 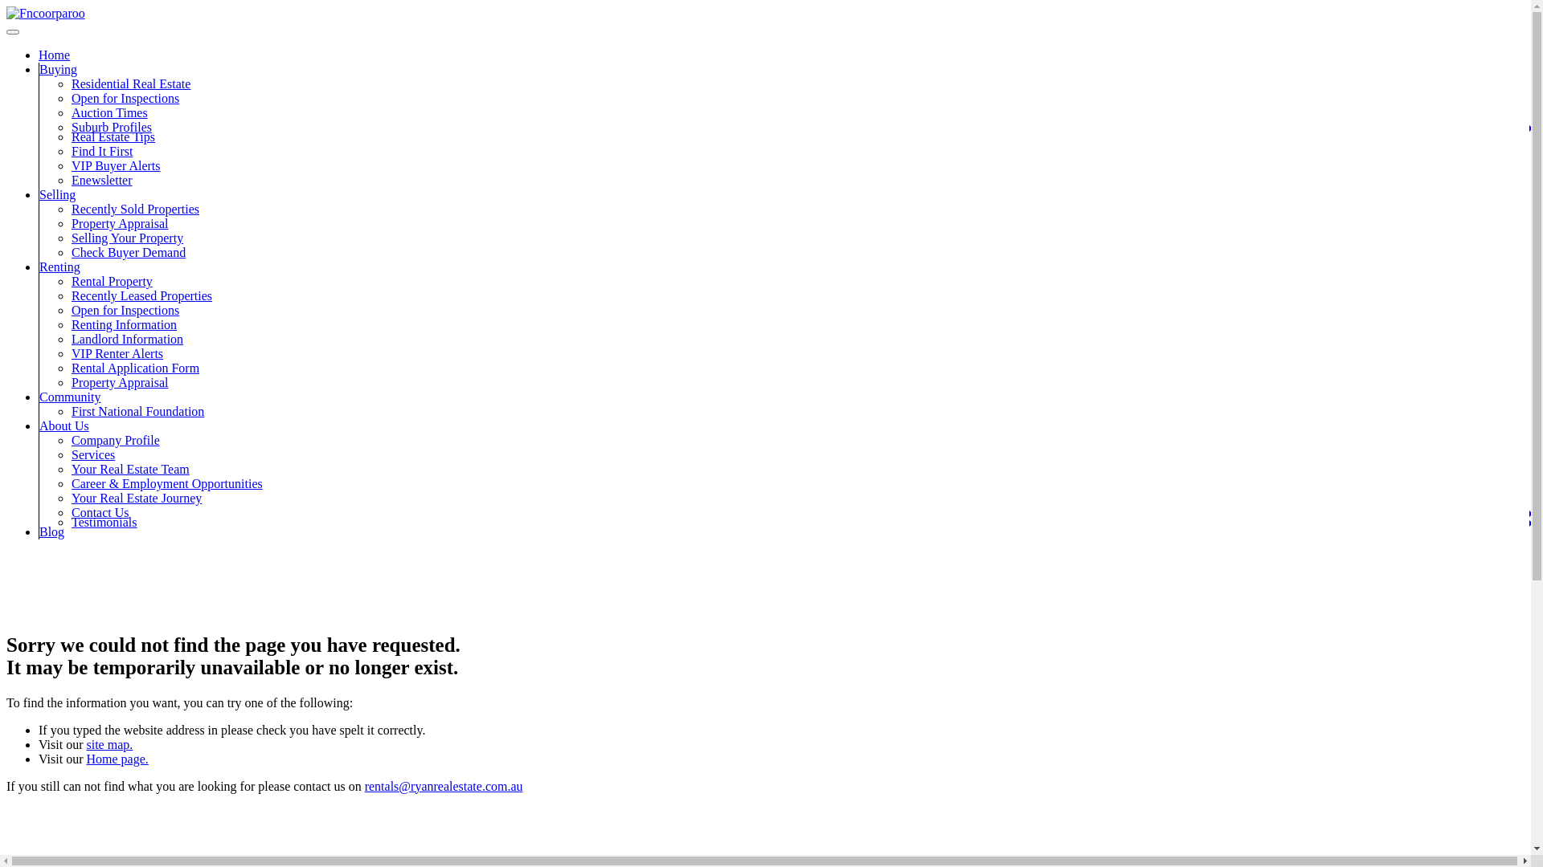 I want to click on 'Recently Sold Properties', so click(x=71, y=208).